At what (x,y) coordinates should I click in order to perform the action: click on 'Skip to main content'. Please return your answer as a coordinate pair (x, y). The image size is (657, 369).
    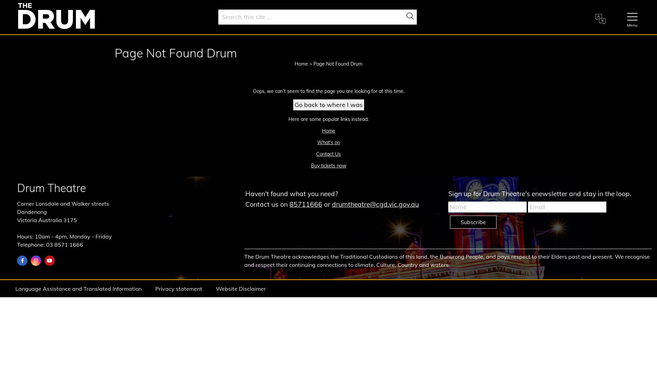
    Looking at the image, I should click on (0, 0).